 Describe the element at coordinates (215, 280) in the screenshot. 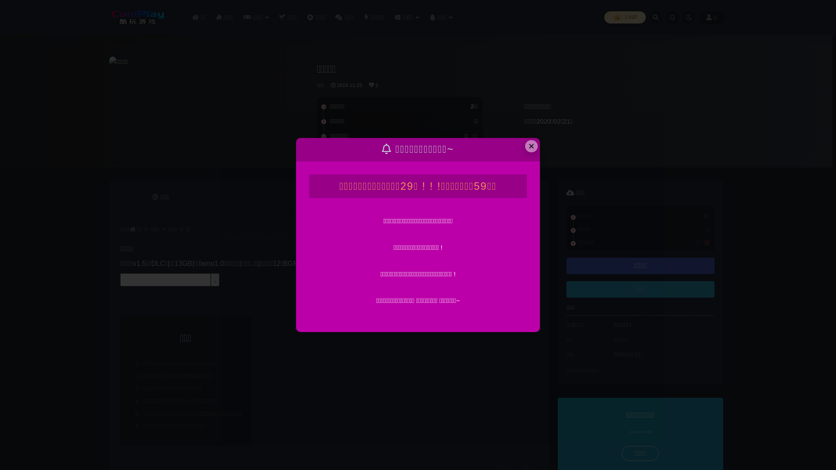

I see `'.'` at that location.